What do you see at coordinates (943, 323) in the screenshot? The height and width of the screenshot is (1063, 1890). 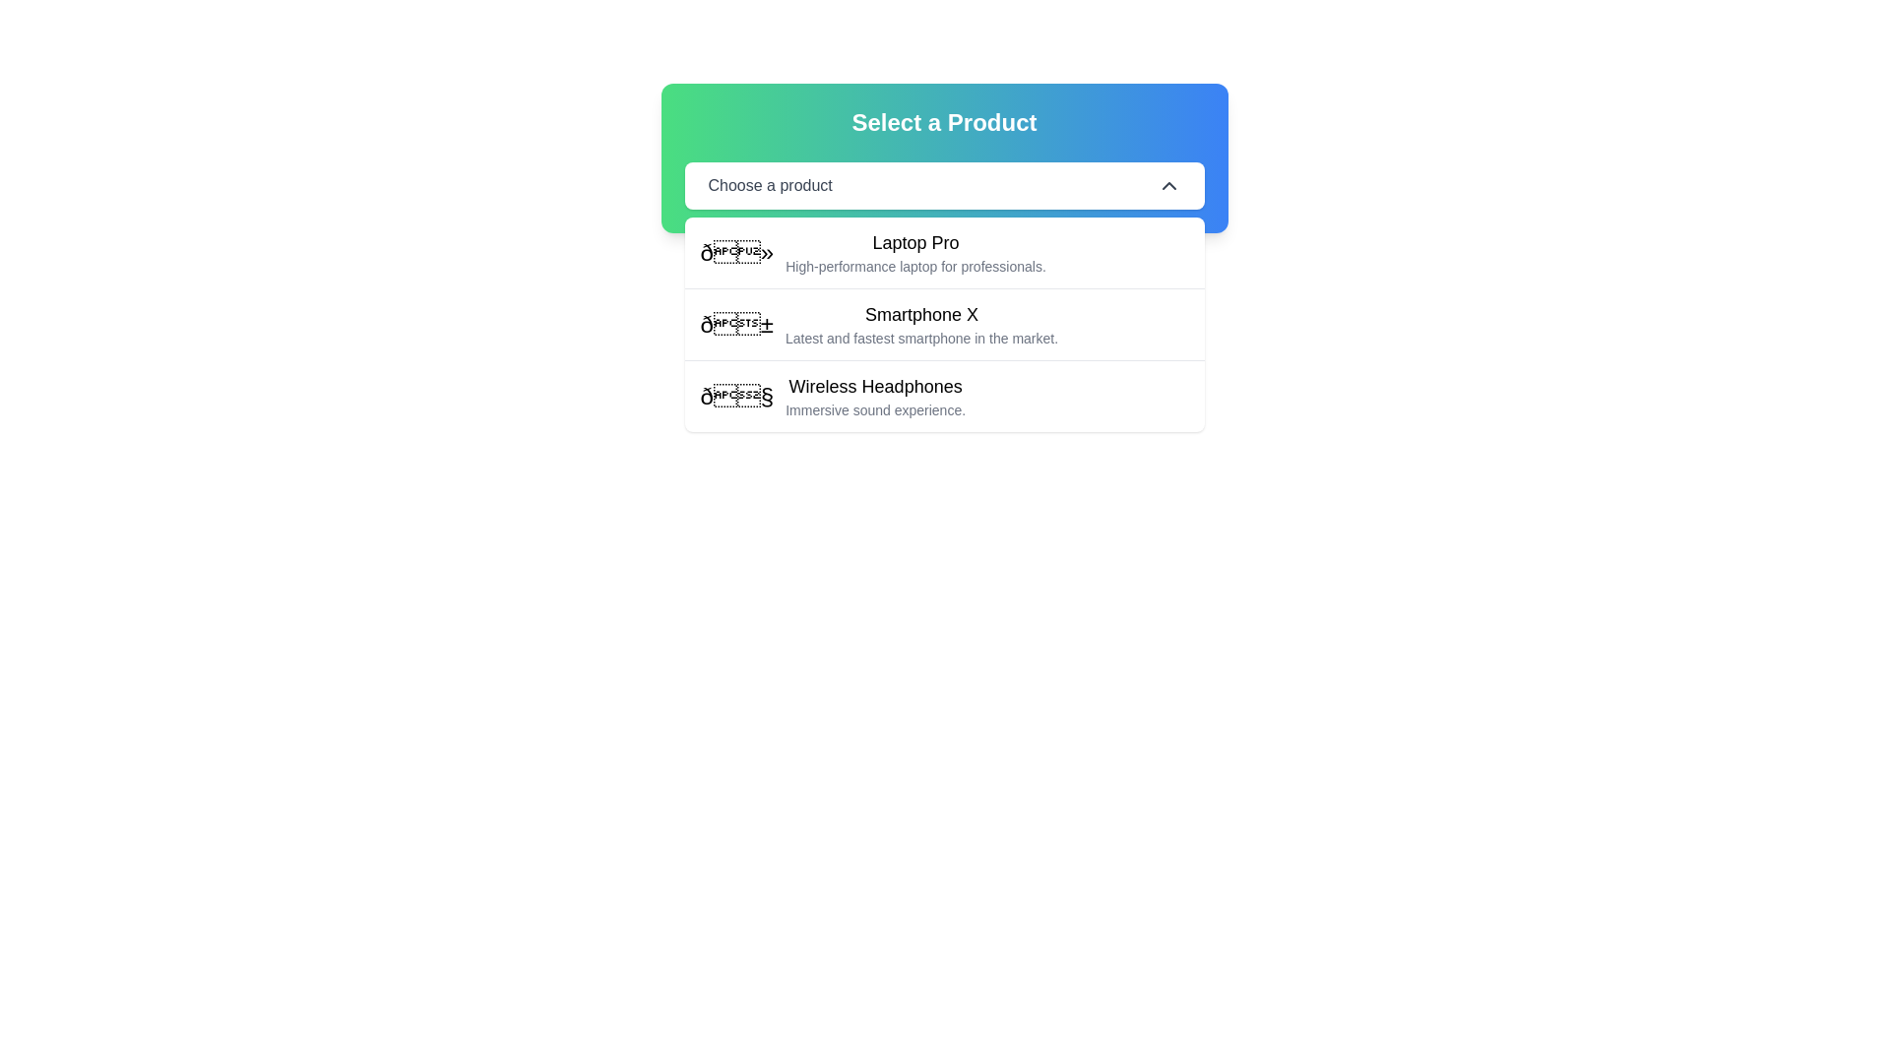 I see `the second selectable option in the dropdown menu under the 'Select a Product' section, which is positioned between 'Laptop Pro' and 'Wireless Headphones'` at bounding box center [943, 323].